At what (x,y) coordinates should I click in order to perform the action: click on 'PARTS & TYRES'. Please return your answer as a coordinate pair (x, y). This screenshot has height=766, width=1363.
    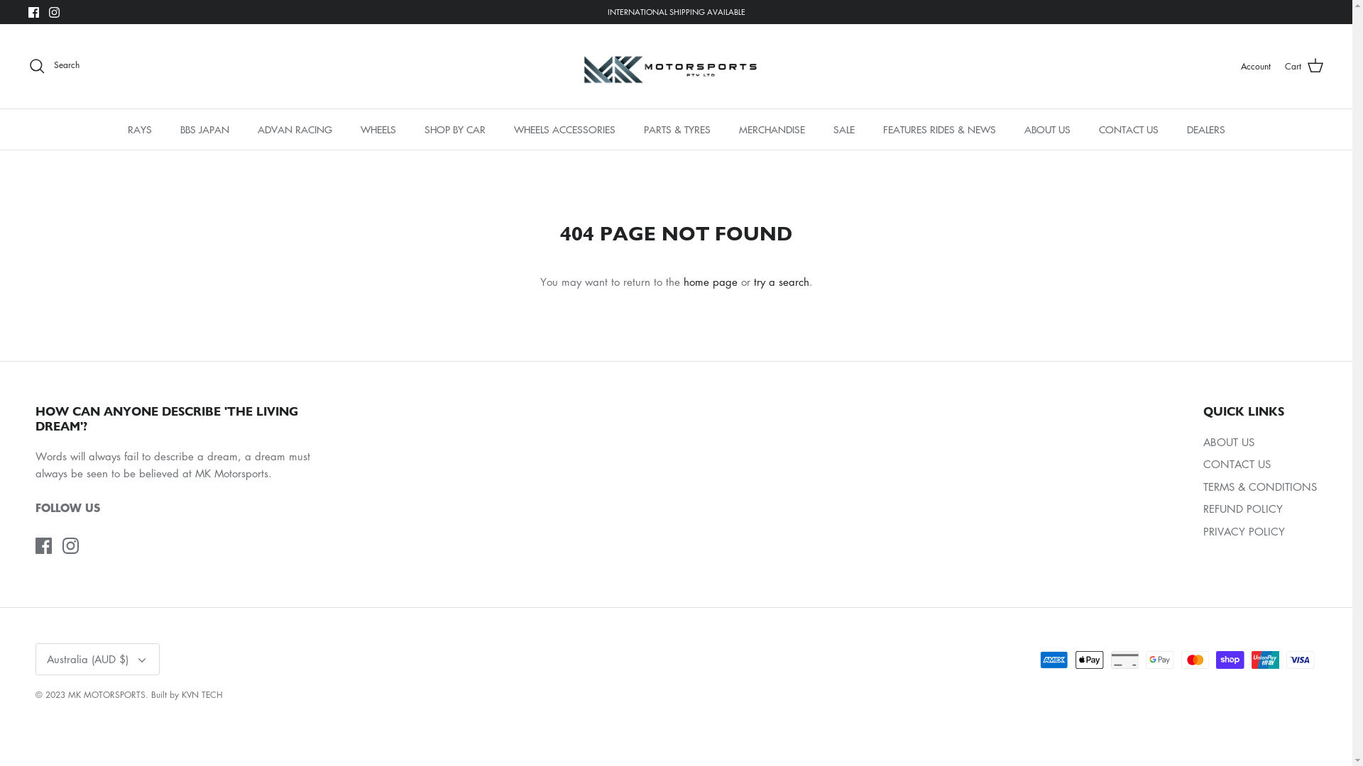
    Looking at the image, I should click on (676, 129).